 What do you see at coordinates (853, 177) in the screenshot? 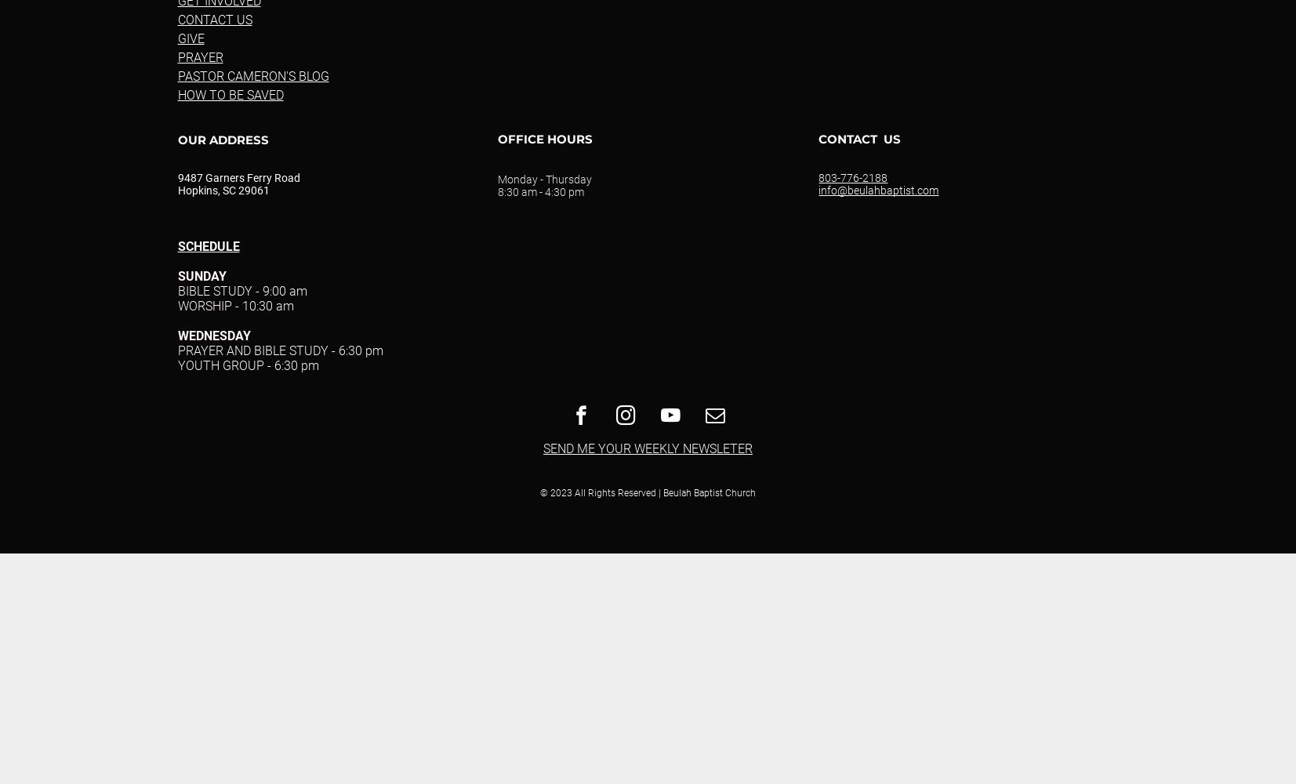
I see `'803-776-2188'` at bounding box center [853, 177].